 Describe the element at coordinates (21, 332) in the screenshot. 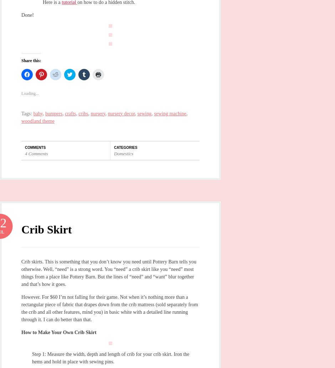

I see `'How to Make Your Own Crib Skirt'` at that location.